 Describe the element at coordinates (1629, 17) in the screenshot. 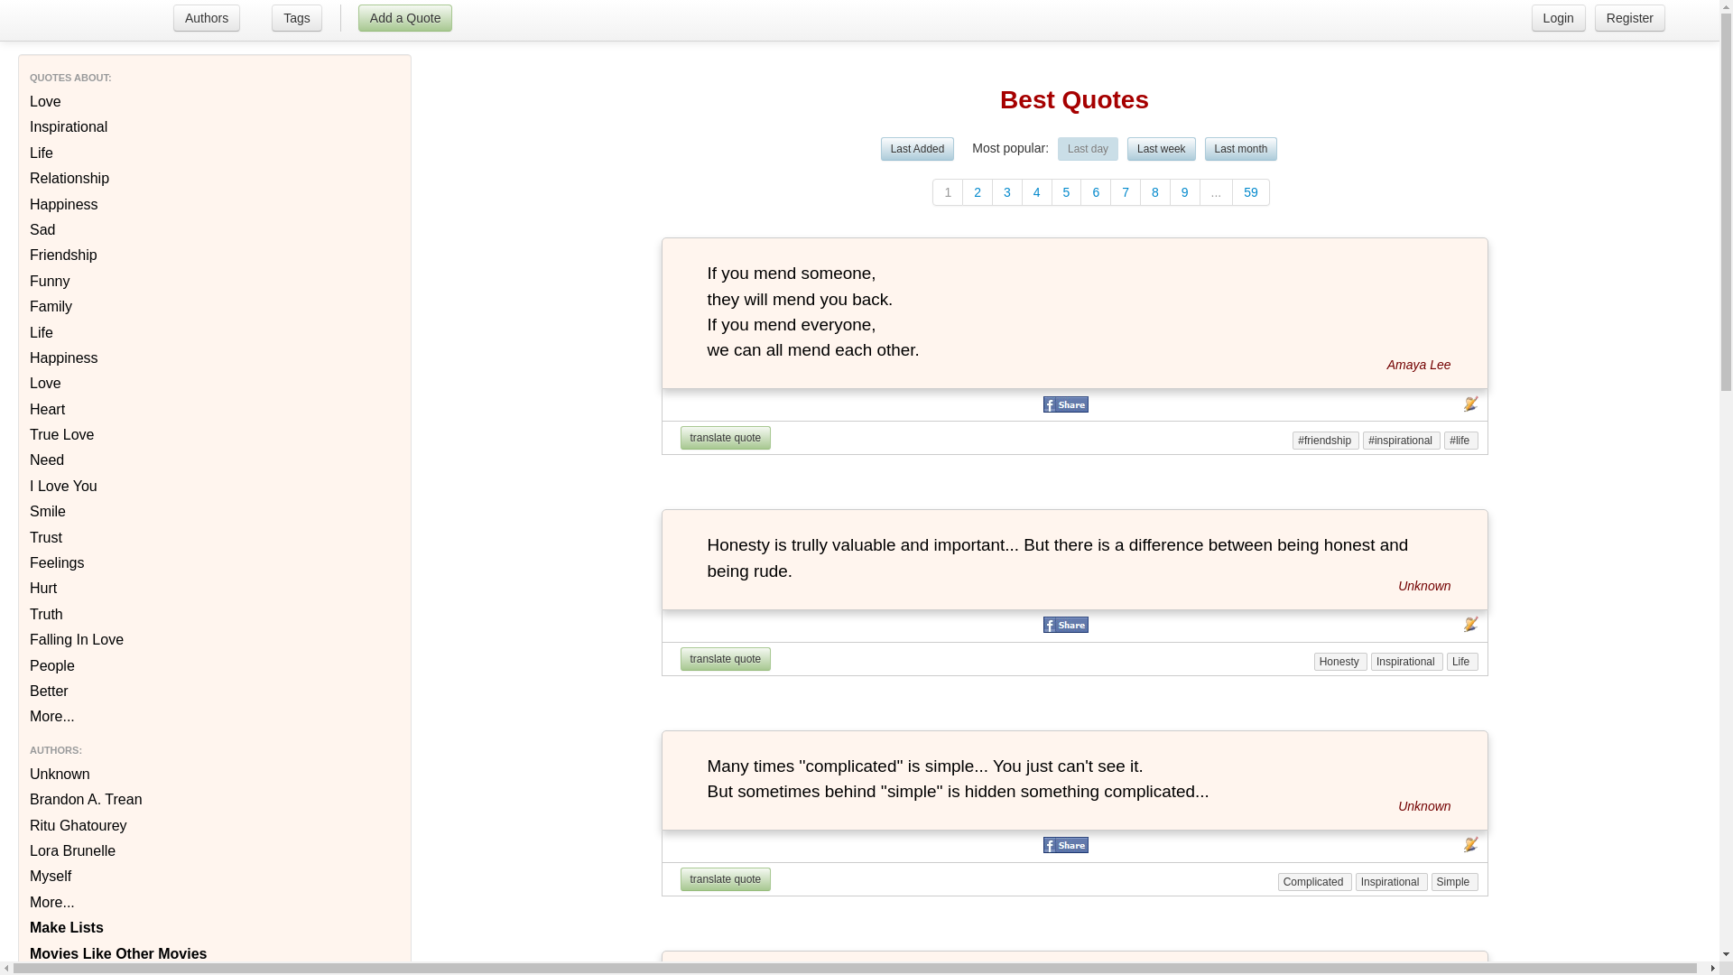

I see `'Register'` at that location.